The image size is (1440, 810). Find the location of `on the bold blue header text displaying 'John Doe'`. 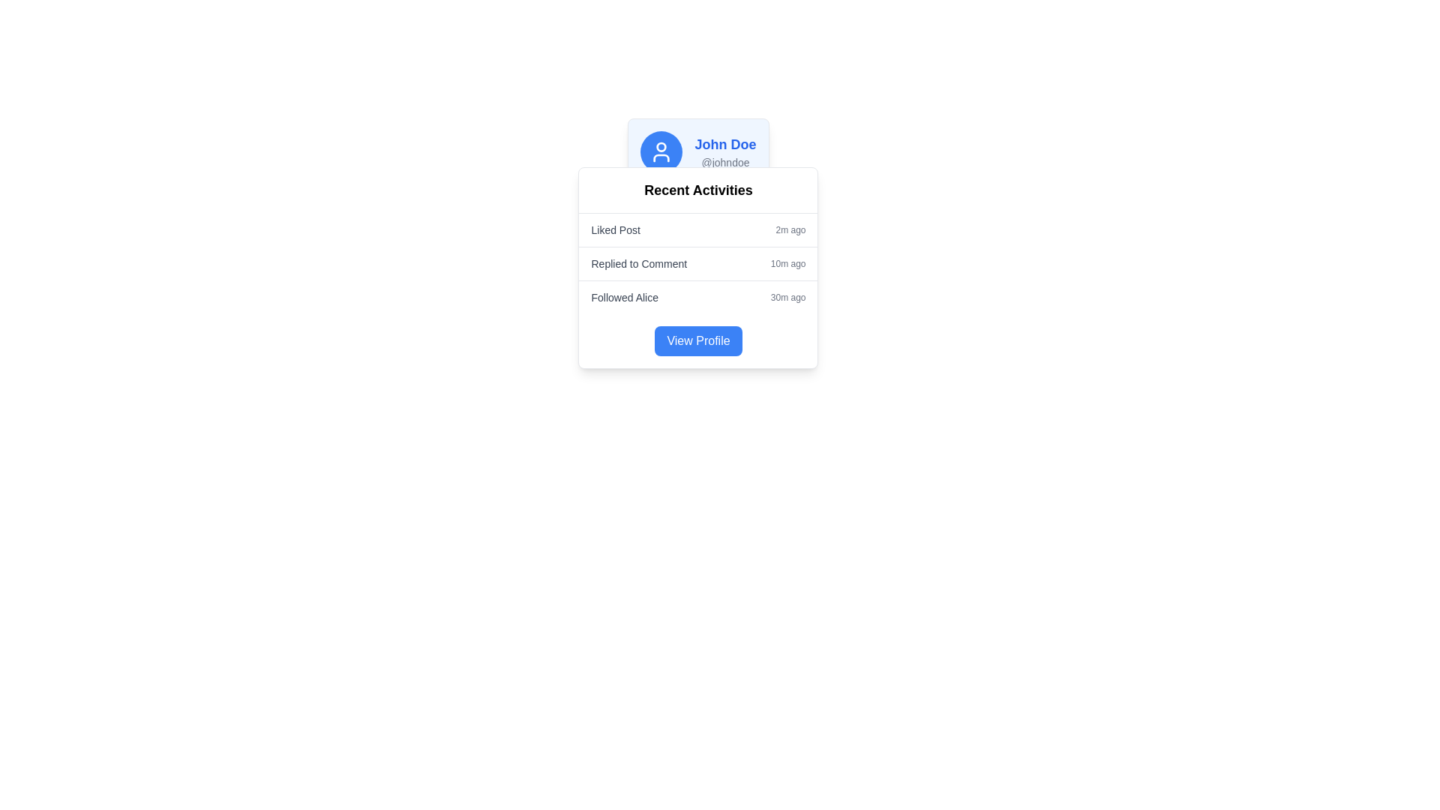

on the bold blue header text displaying 'John Doe' is located at coordinates (725, 144).